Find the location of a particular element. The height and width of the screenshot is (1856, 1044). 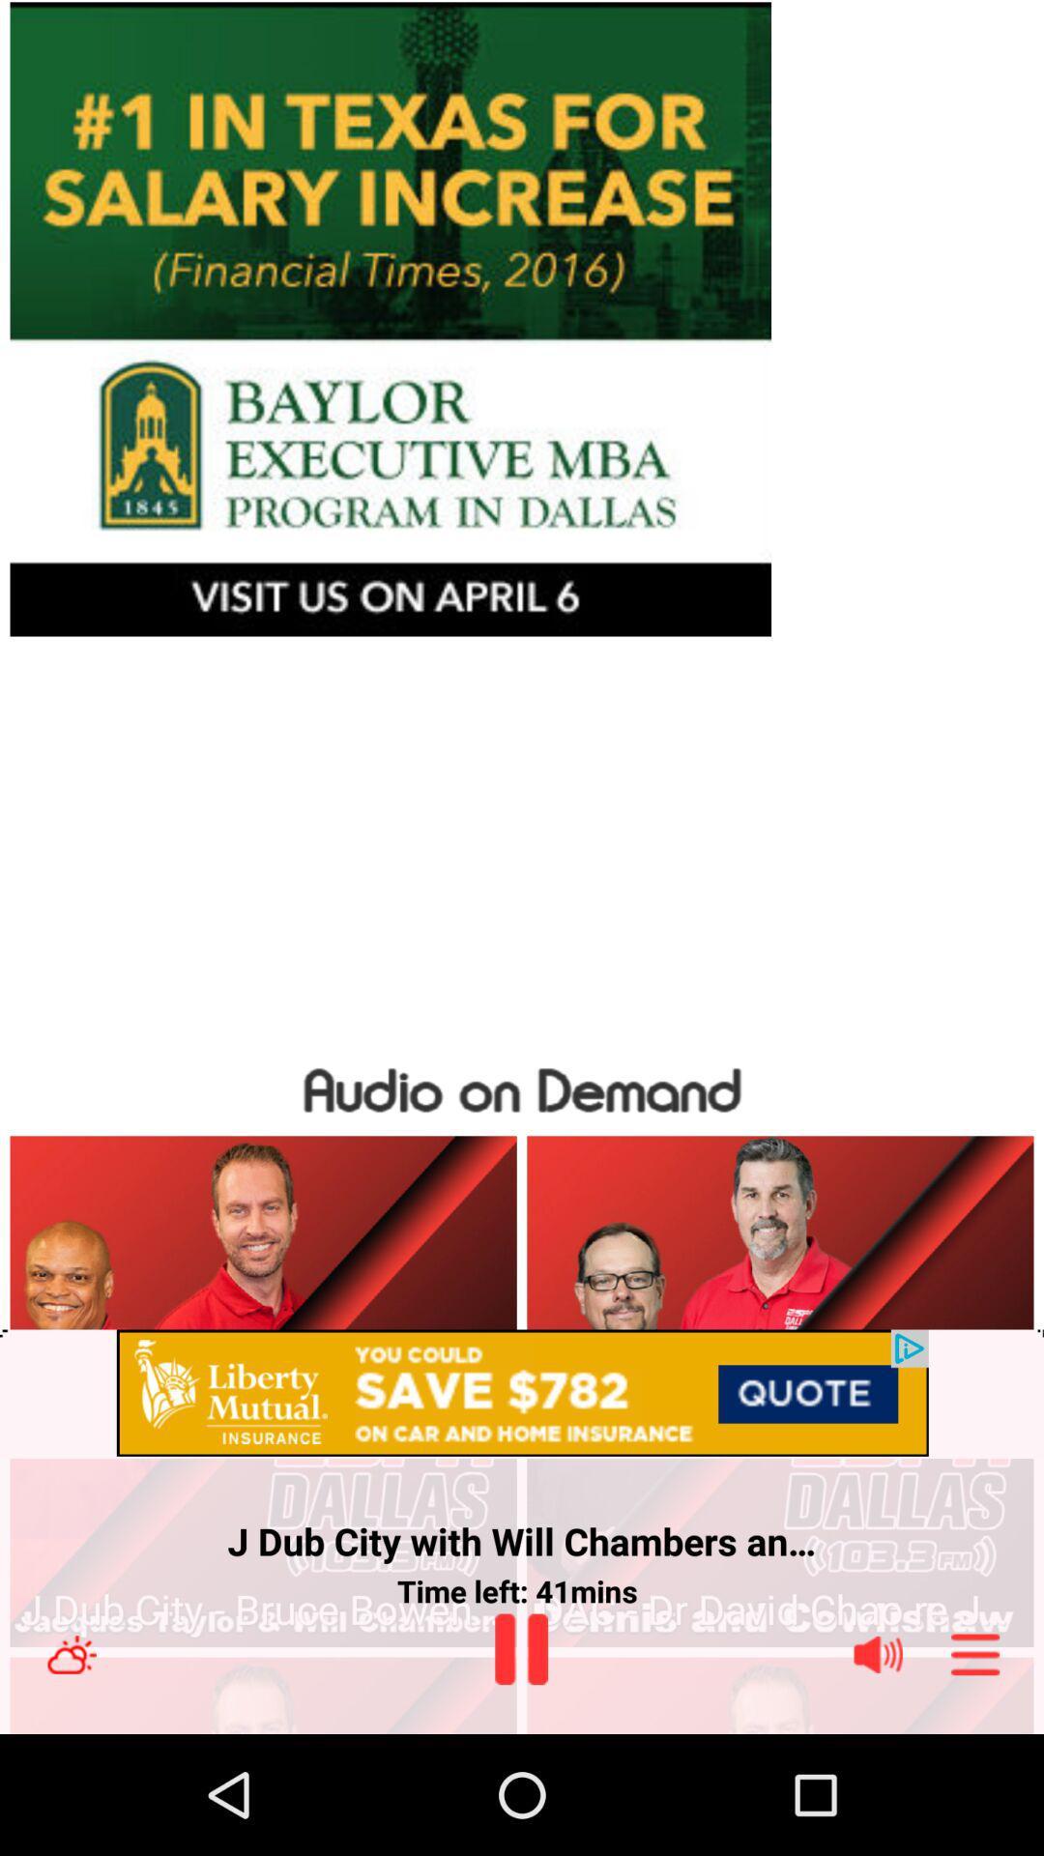

the pause icon is located at coordinates (520, 1765).